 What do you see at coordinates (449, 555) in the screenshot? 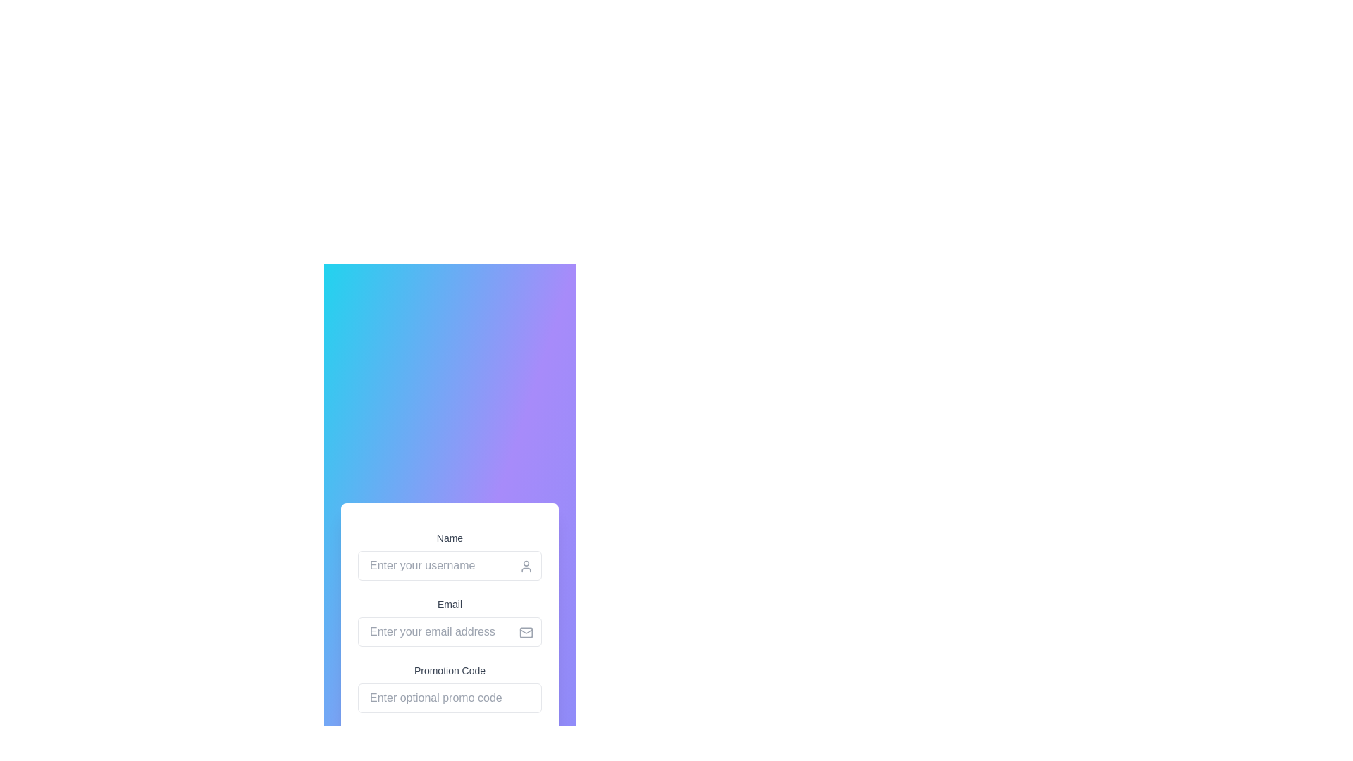
I see `the text input field for entering a username, which is the first input field in the form, to focus on it` at bounding box center [449, 555].